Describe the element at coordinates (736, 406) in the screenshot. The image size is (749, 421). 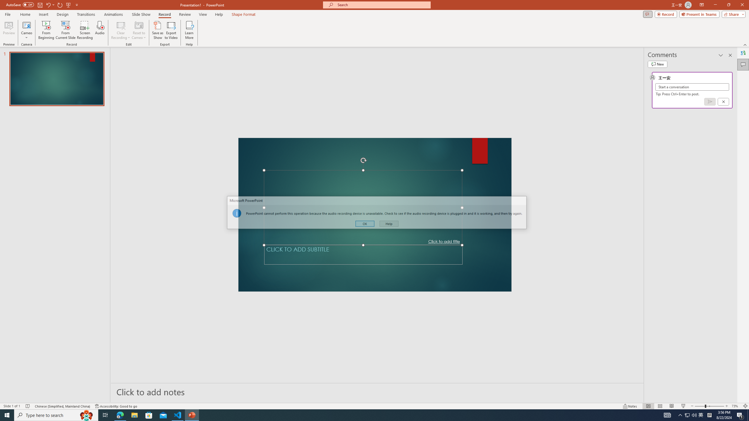
I see `'Zoom 73%'` at that location.